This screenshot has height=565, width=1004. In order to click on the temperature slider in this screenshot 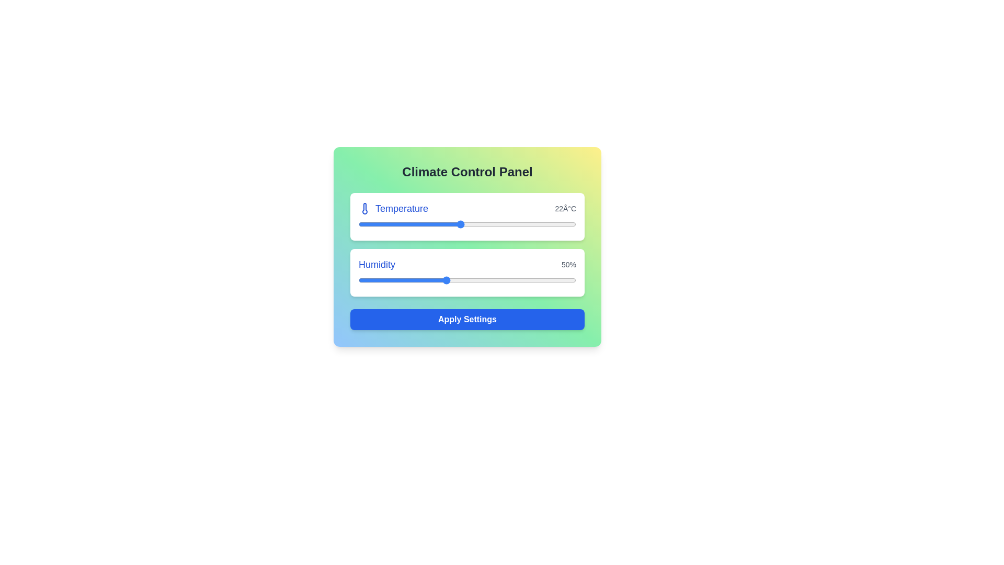, I will do `click(431, 223)`.